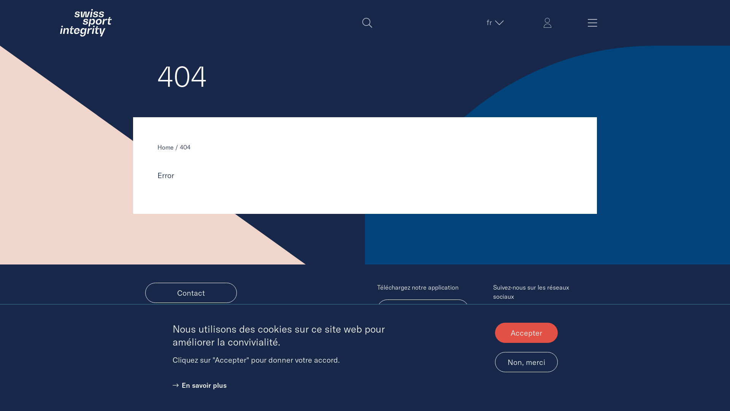 The image size is (730, 411). What do you see at coordinates (494, 22) in the screenshot?
I see `'fr'` at bounding box center [494, 22].